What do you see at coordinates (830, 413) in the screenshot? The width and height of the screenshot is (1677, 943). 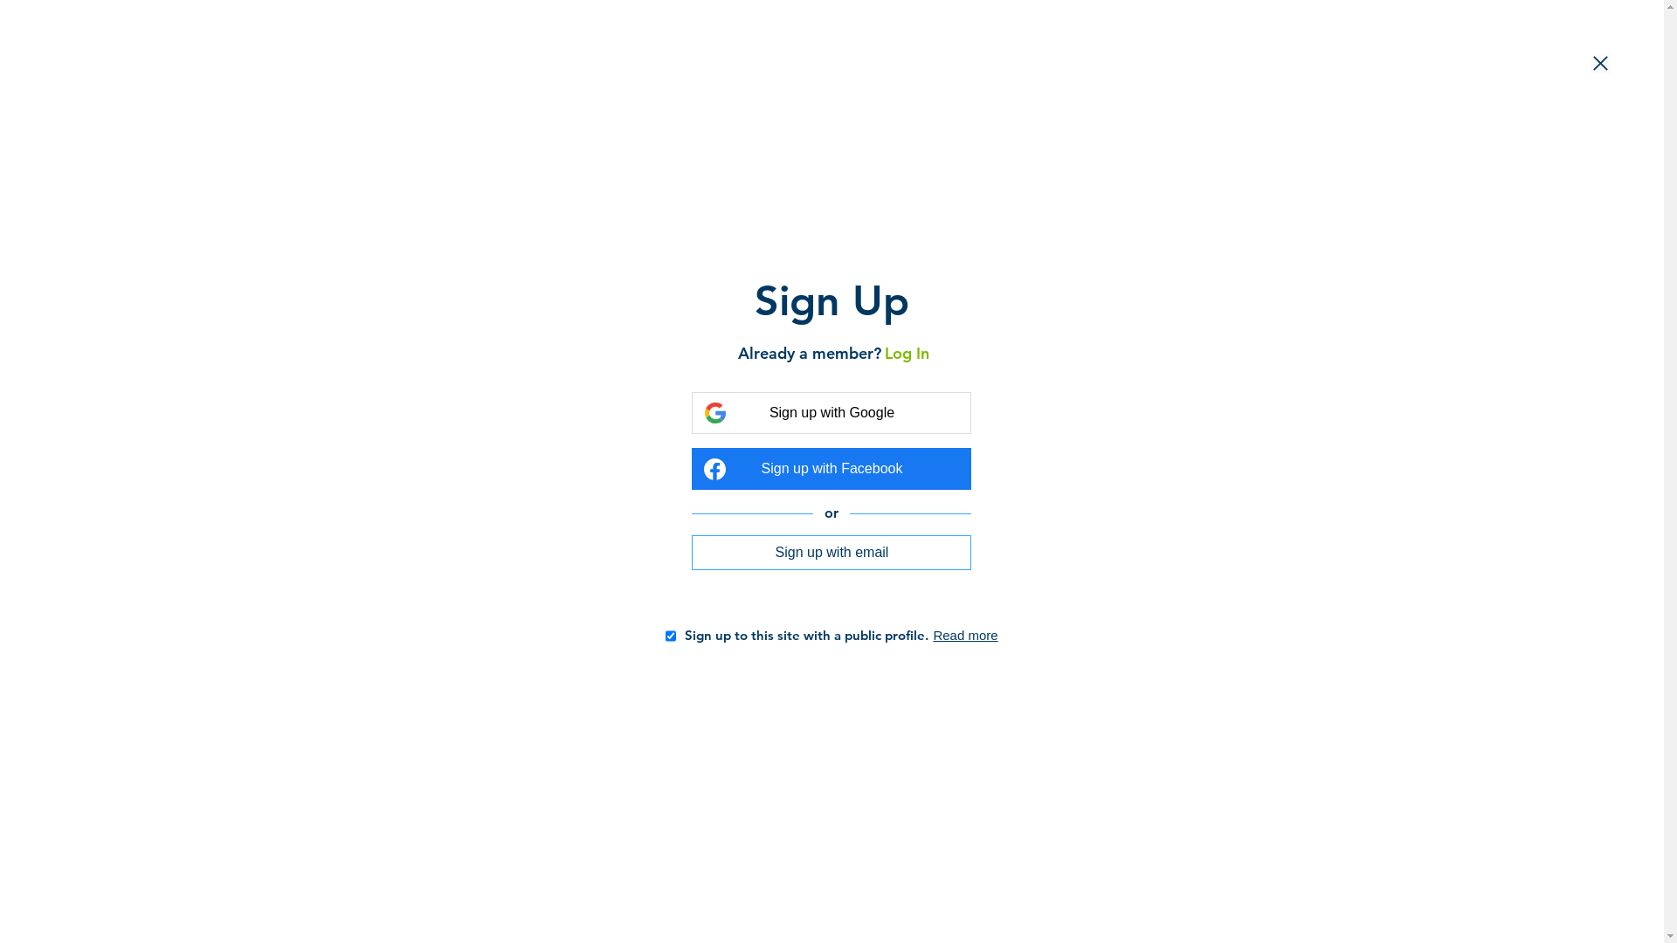 I see `'Sign up with Google'` at bounding box center [830, 413].